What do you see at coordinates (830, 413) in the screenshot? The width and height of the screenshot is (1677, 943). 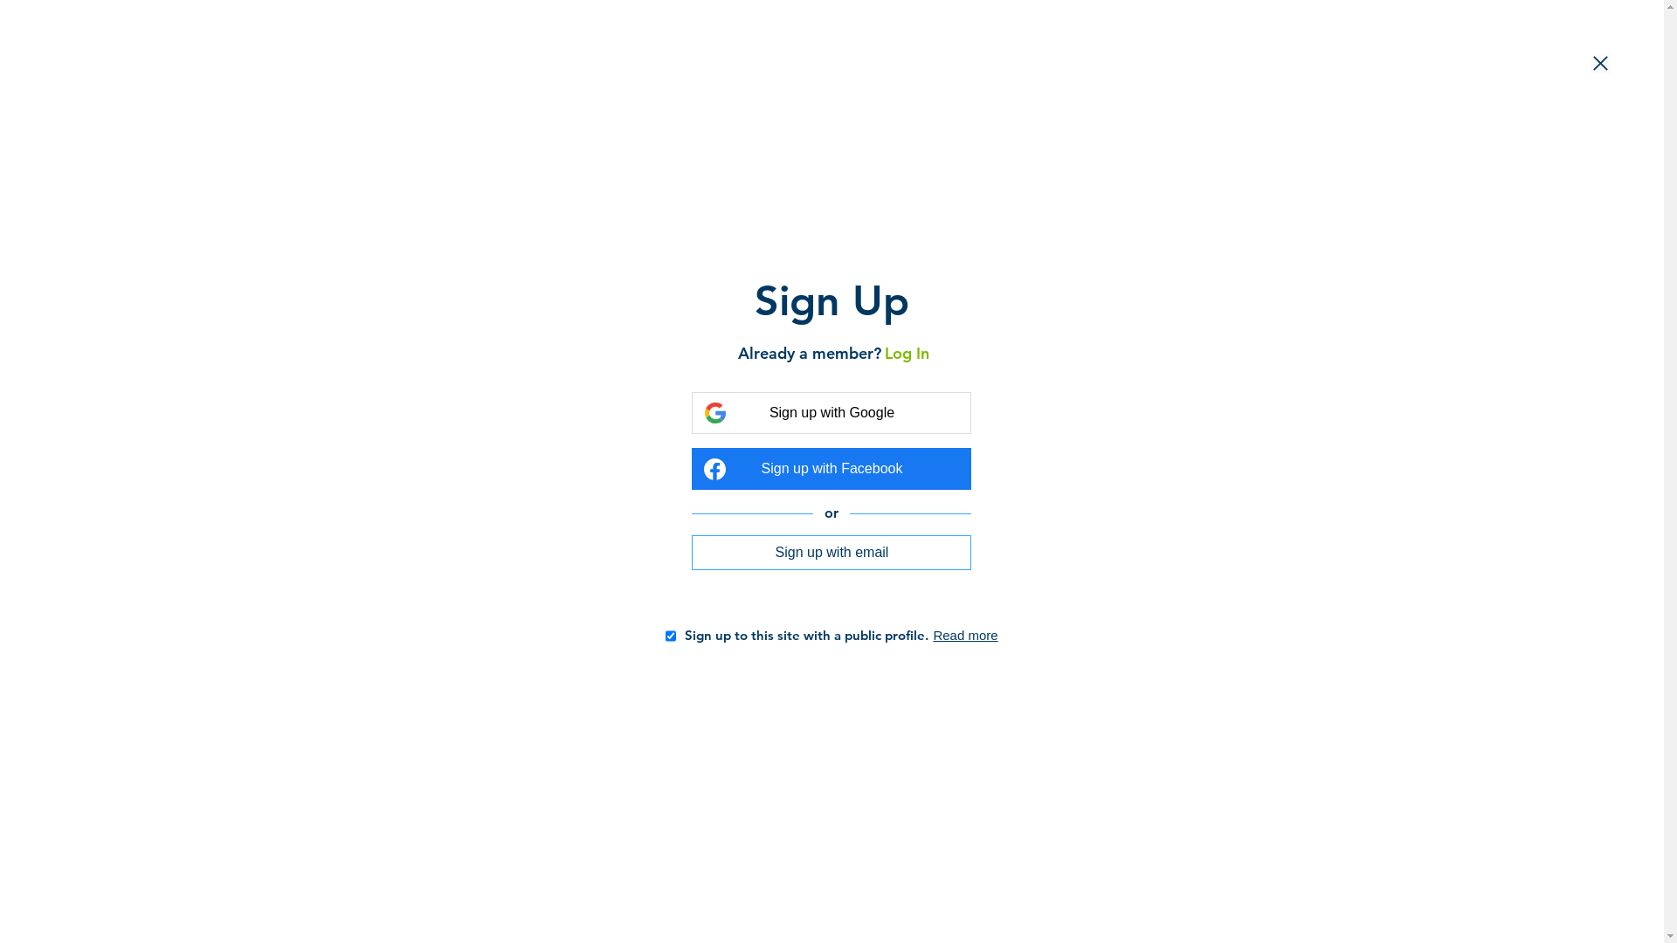 I see `'Sign up with Google'` at bounding box center [830, 413].